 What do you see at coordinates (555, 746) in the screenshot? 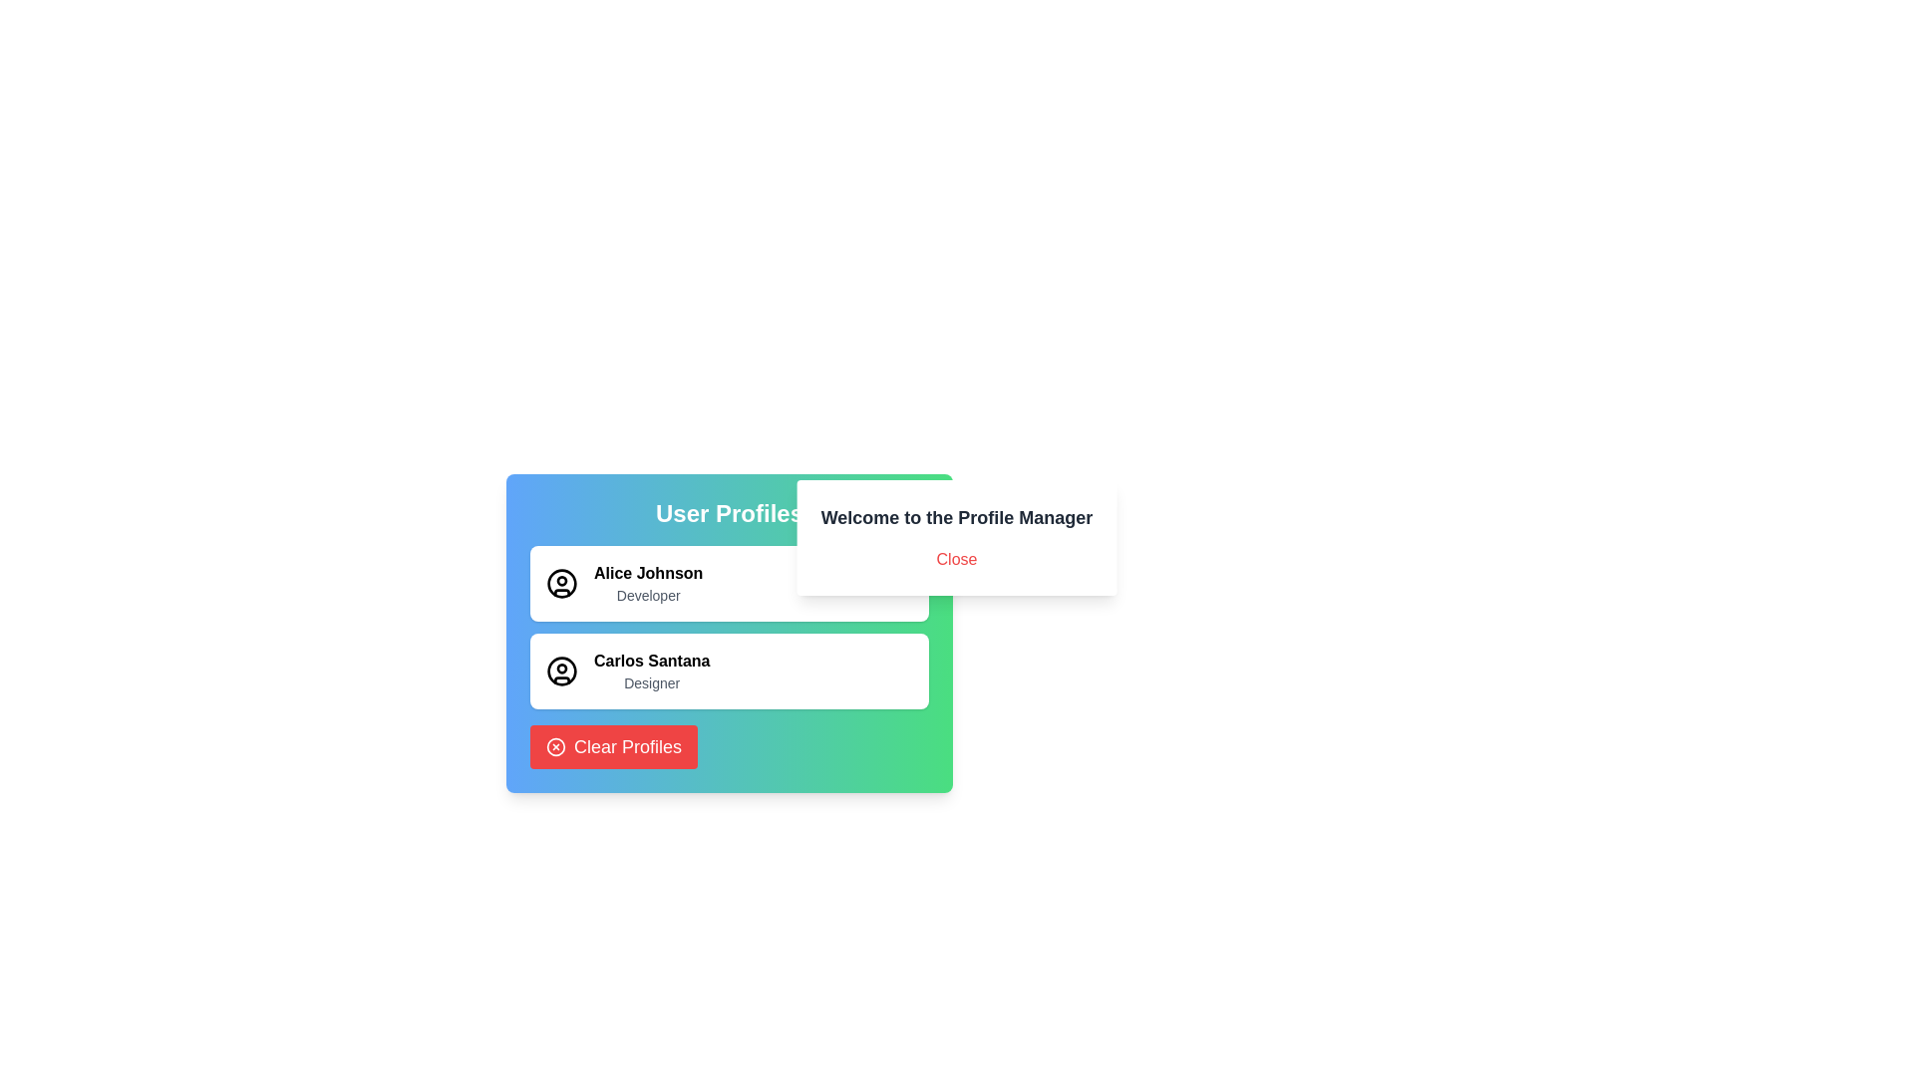
I see `the appearance of the icon representing the action of clearing or resetting profiles, located on the left side of the 'Clear Profiles' button` at bounding box center [555, 746].